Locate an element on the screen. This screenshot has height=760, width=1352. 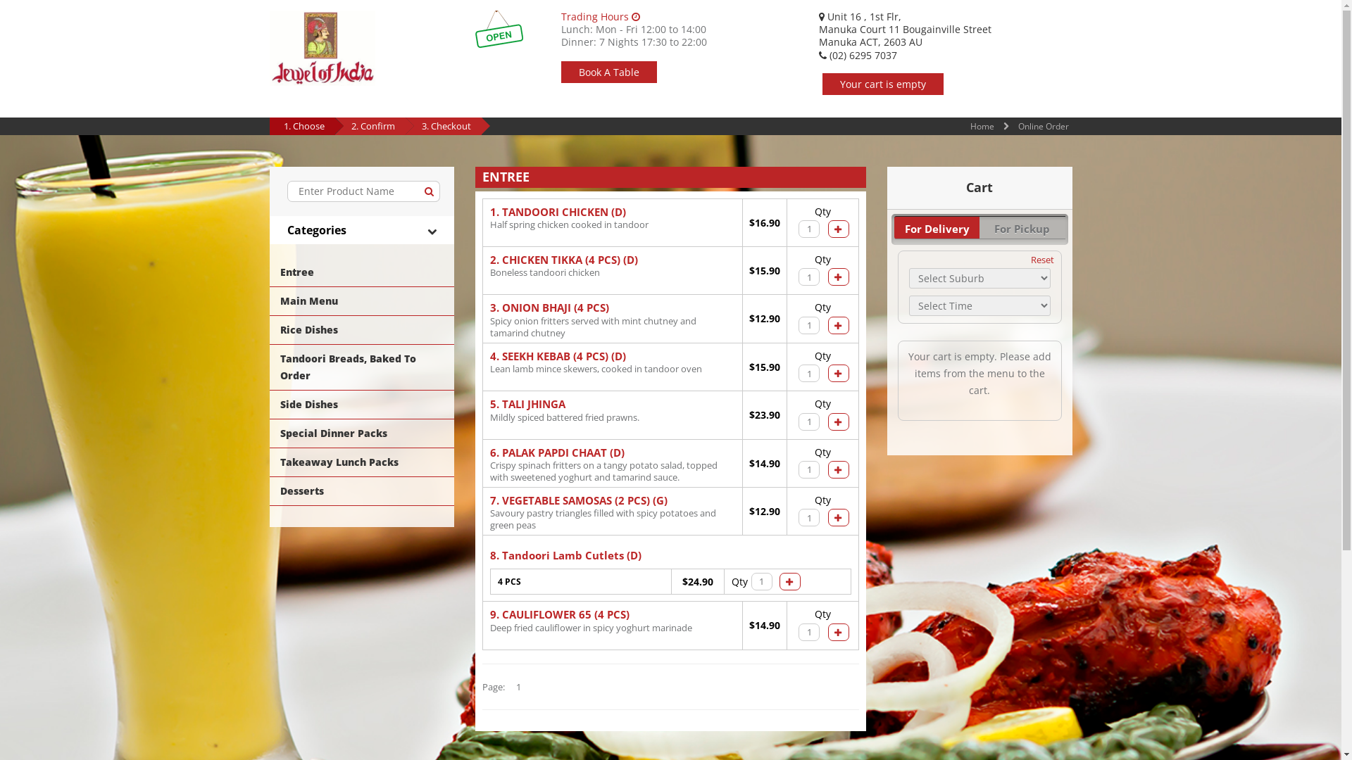
'1. Choose' is located at coordinates (303, 125).